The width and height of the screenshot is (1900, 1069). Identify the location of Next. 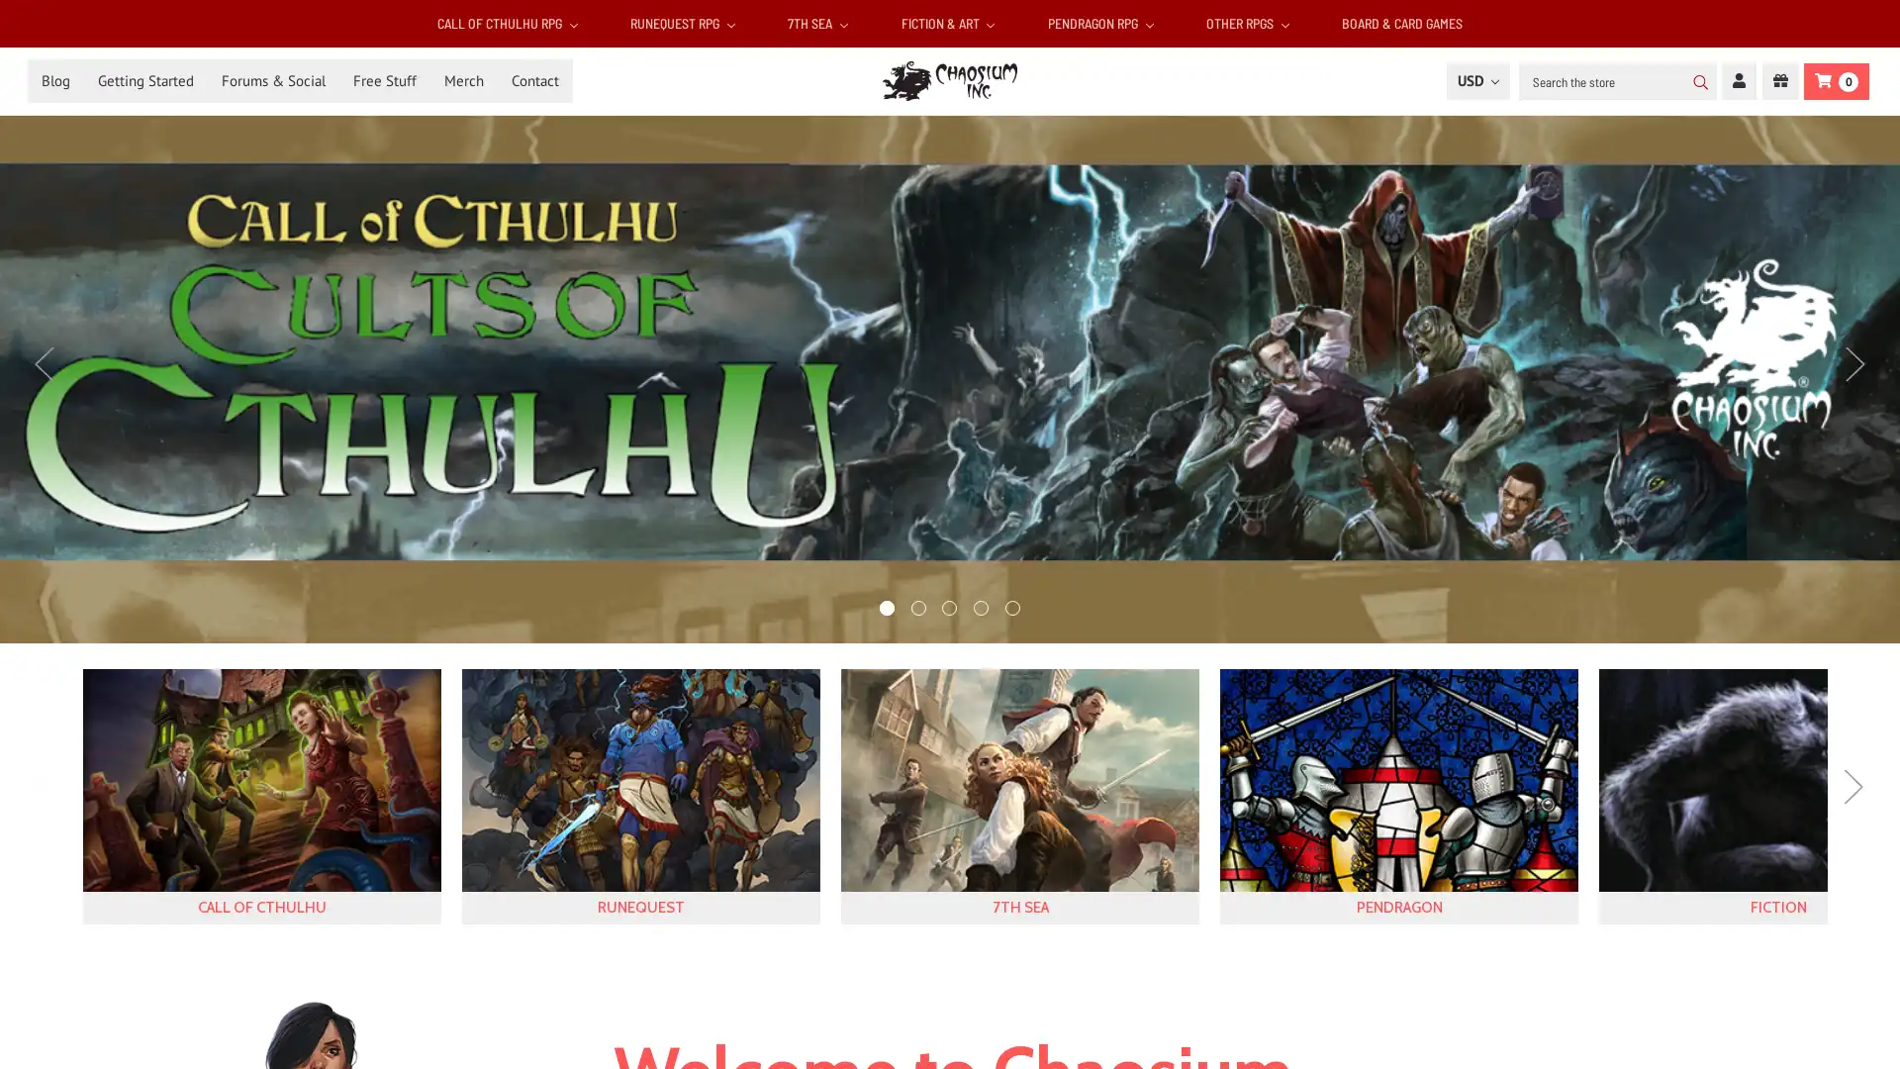
(1854, 363).